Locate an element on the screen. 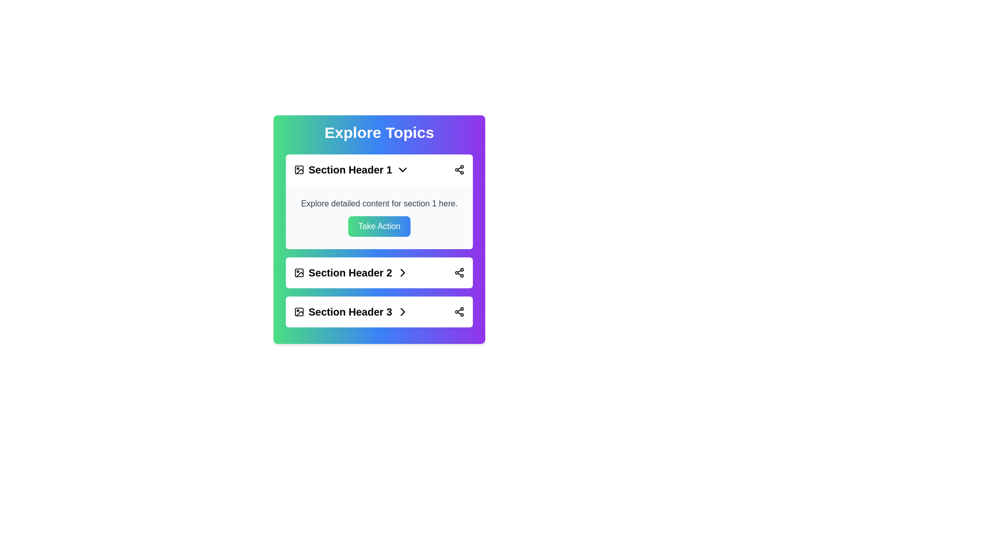 The height and width of the screenshot is (556, 989). the toggle icon is located at coordinates (402, 169).